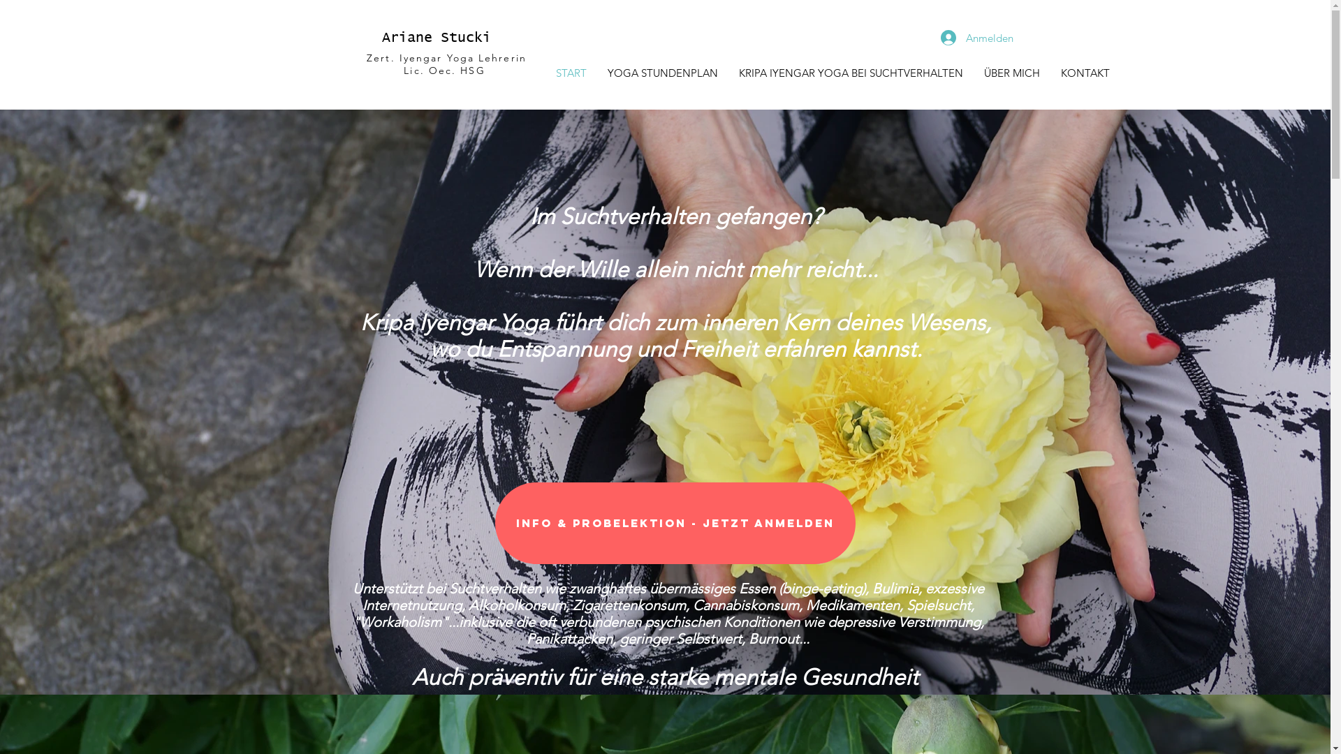 The image size is (1341, 754). I want to click on 'YOGA STUNDENPLAN', so click(661, 73).